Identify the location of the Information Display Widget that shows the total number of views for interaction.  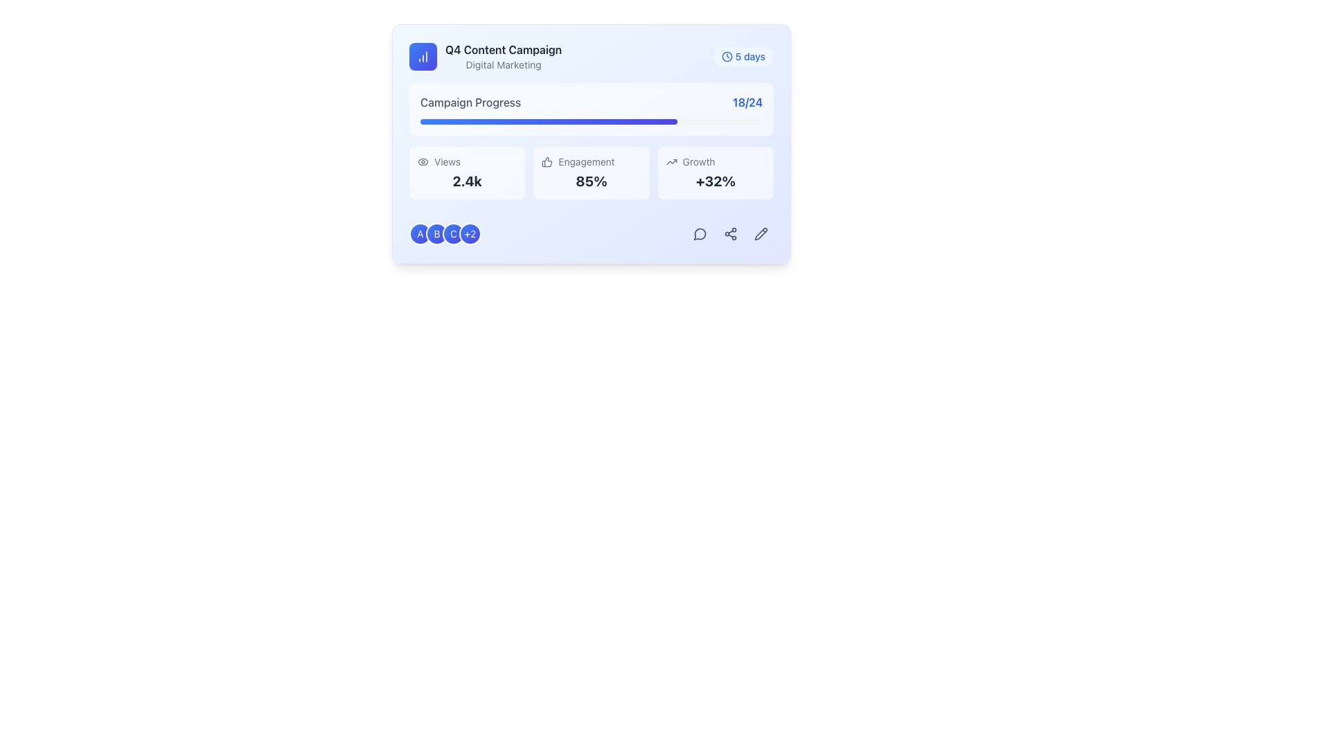
(467, 172).